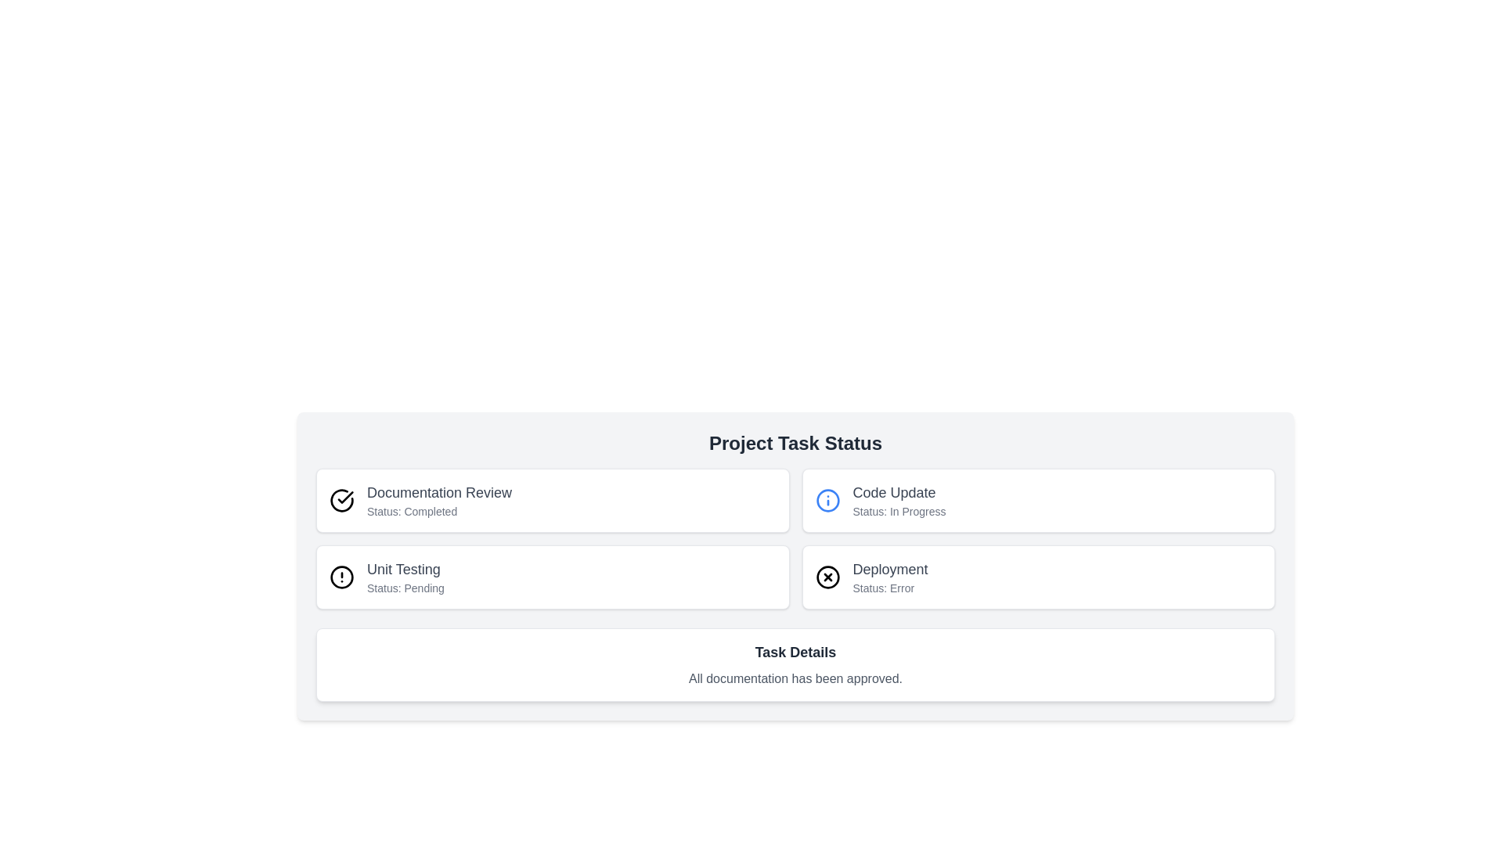 The height and width of the screenshot is (845, 1503). I want to click on text content of the 'Unit Testing' label, which is a large, bold, medium gray text located above the 'Status: Pending' label in the 'Project Task Status' table, so click(405, 570).